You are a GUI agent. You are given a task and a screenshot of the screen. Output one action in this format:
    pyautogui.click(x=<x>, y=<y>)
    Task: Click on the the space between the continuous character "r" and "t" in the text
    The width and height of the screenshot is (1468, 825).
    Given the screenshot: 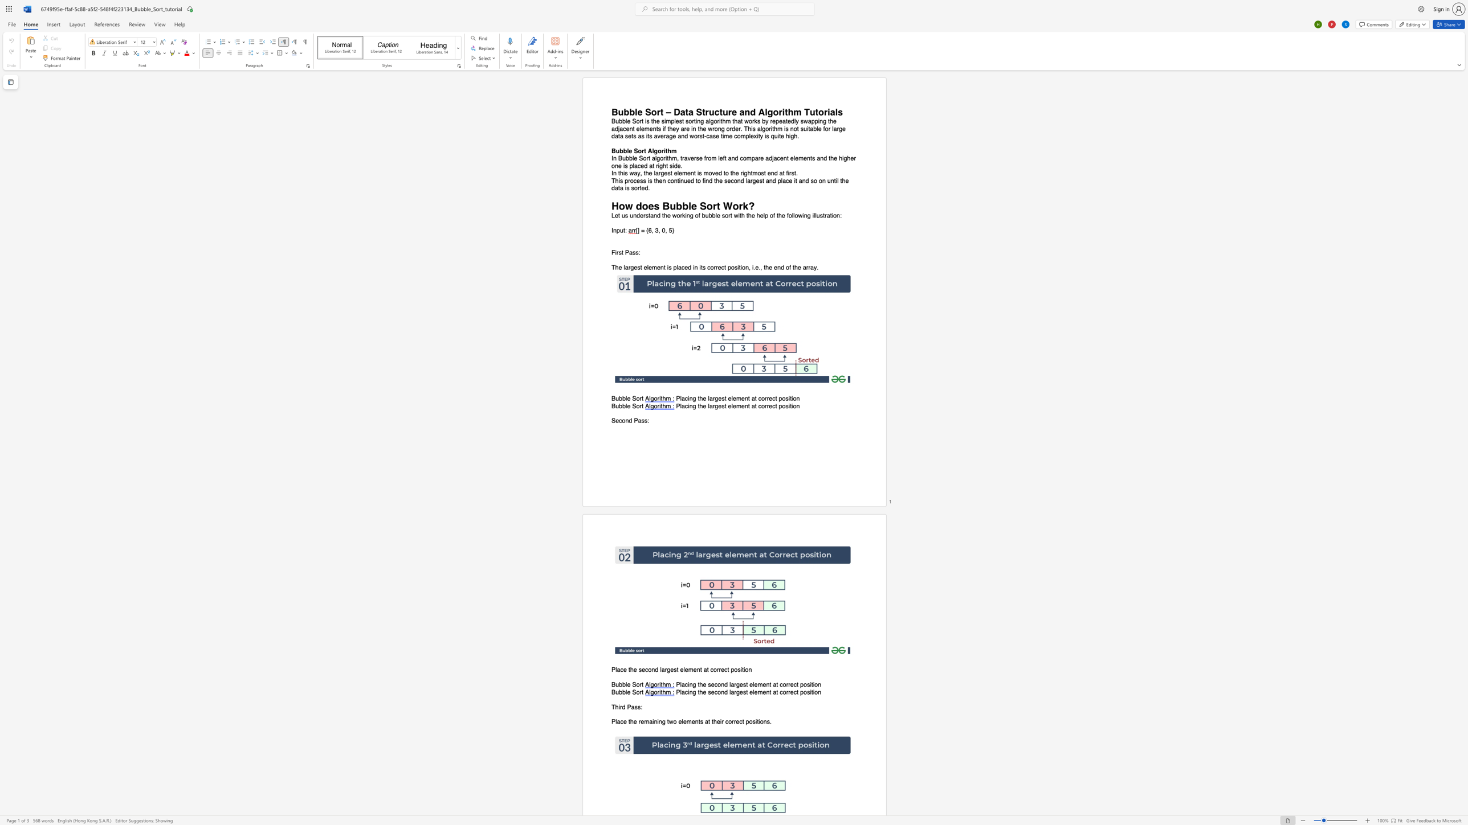 What is the action you would take?
    pyautogui.click(x=642, y=405)
    